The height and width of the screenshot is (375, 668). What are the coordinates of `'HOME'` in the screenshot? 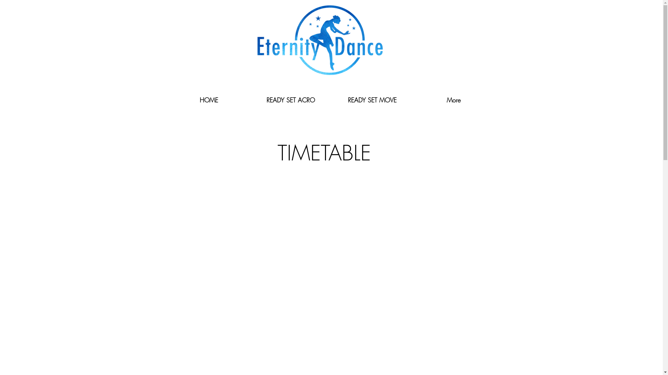 It's located at (208, 100).